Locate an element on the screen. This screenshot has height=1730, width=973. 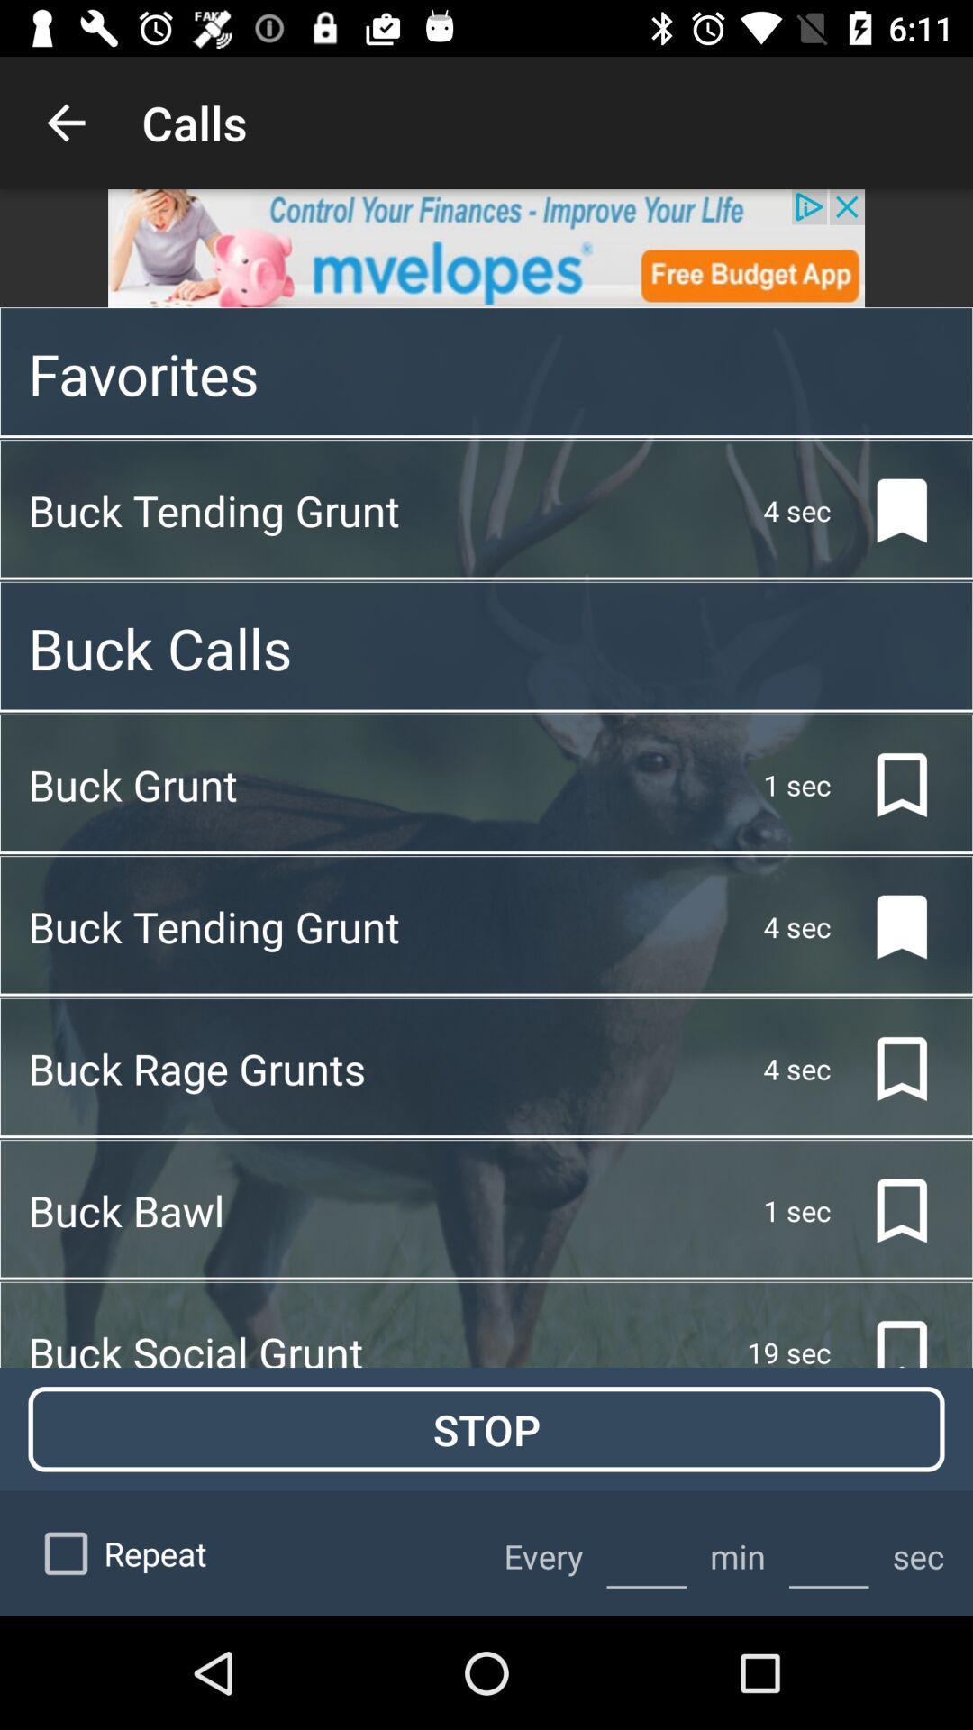
every is located at coordinates (645, 1552).